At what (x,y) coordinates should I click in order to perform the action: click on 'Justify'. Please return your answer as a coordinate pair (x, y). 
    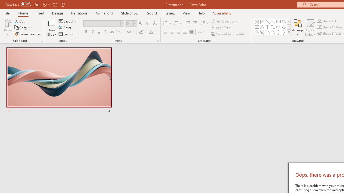
    Looking at the image, I should click on (185, 32).